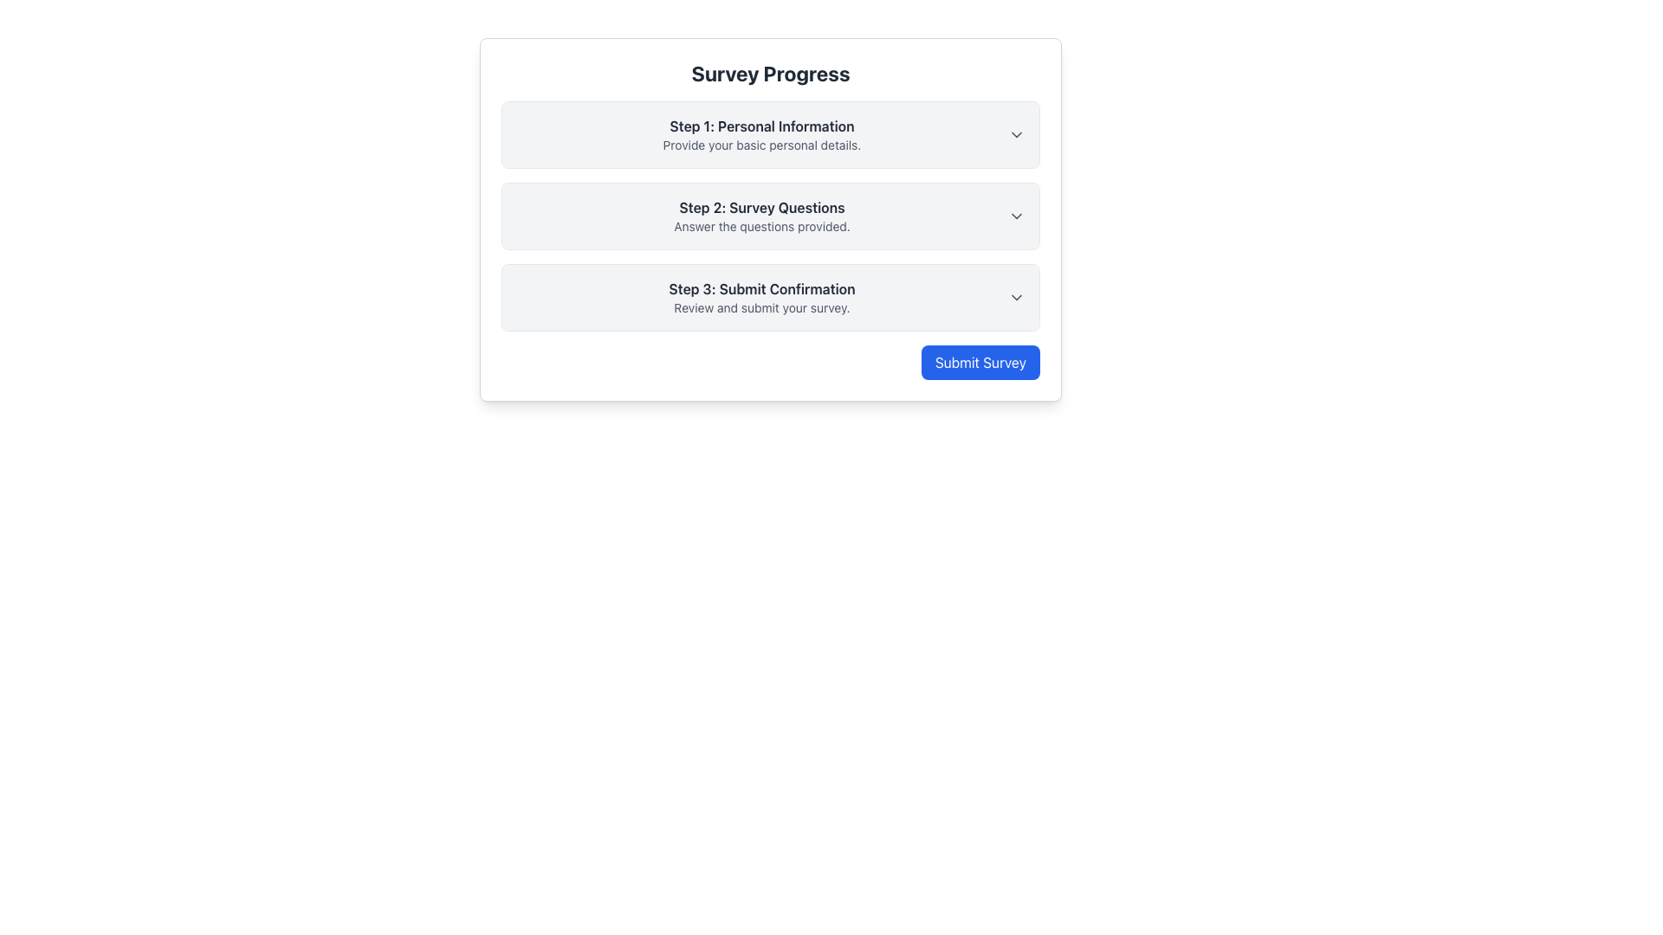 This screenshot has height=935, width=1663. Describe the element at coordinates (761, 288) in the screenshot. I see `the text label 'Step 3: Submit Confirmation' which is styled in bold, dark gray color and is the third item under 'Survey Progress.'` at that location.